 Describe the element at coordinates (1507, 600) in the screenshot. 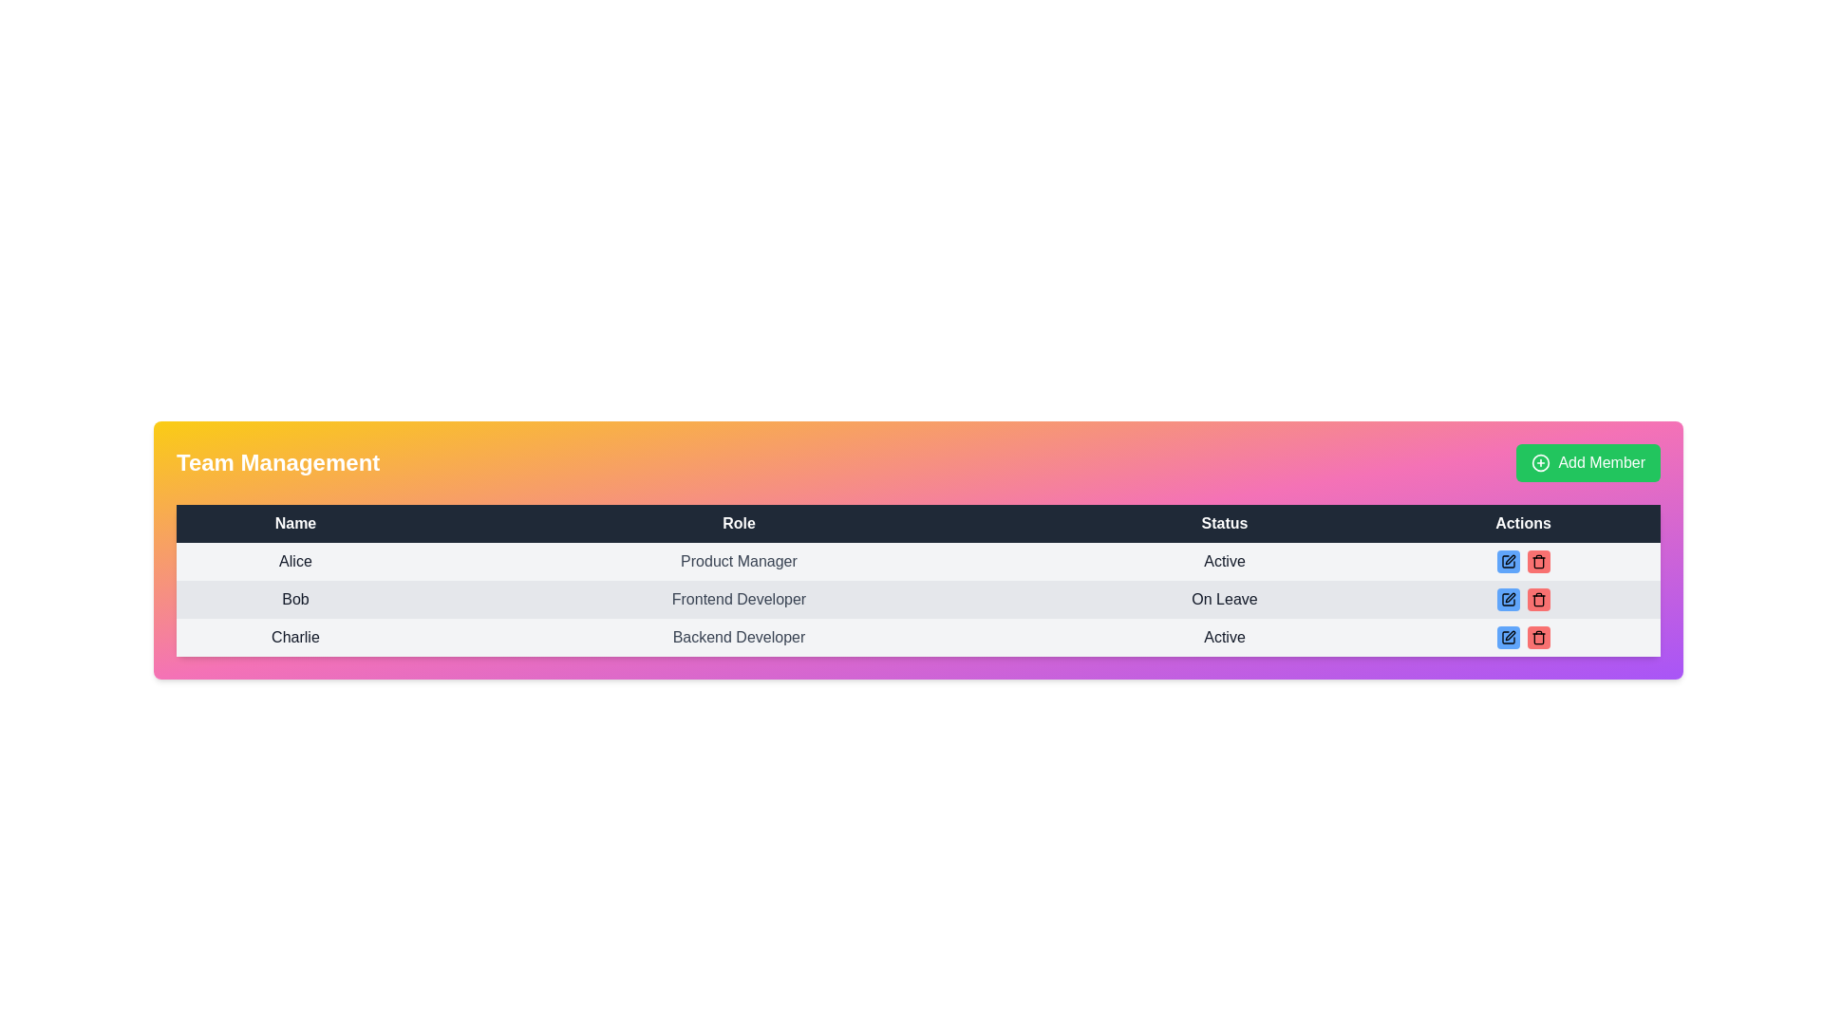

I see `the blue rectangular button with rounded corners containing a pen icon in the actions column of the user management table for the user named Bob to trigger a visual effect` at that location.